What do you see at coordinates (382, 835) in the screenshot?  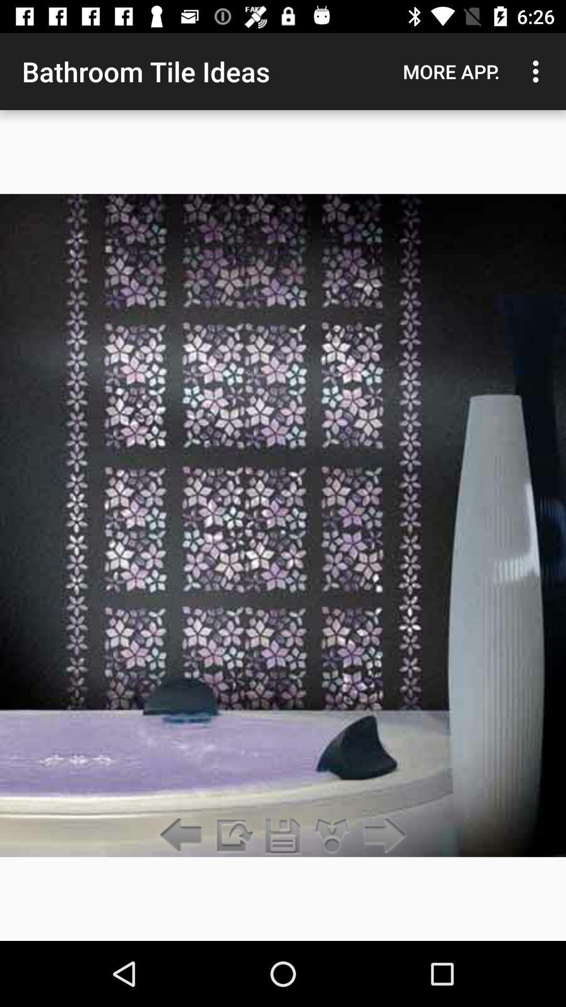 I see `next image` at bounding box center [382, 835].